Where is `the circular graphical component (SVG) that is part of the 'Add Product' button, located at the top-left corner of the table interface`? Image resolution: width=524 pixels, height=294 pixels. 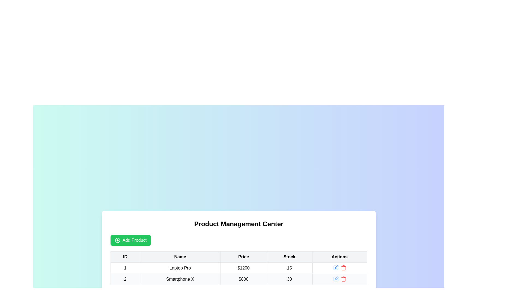
the circular graphical component (SVG) that is part of the 'Add Product' button, located at the top-left corner of the table interface is located at coordinates (117, 240).